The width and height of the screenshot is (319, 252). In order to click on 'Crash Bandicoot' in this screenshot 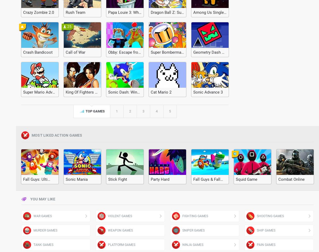, I will do `click(23, 52)`.